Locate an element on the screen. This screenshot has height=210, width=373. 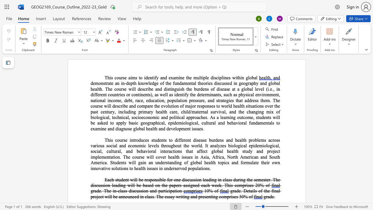
the space between the continuous character "i" and "s" in the text is located at coordinates (111, 77).